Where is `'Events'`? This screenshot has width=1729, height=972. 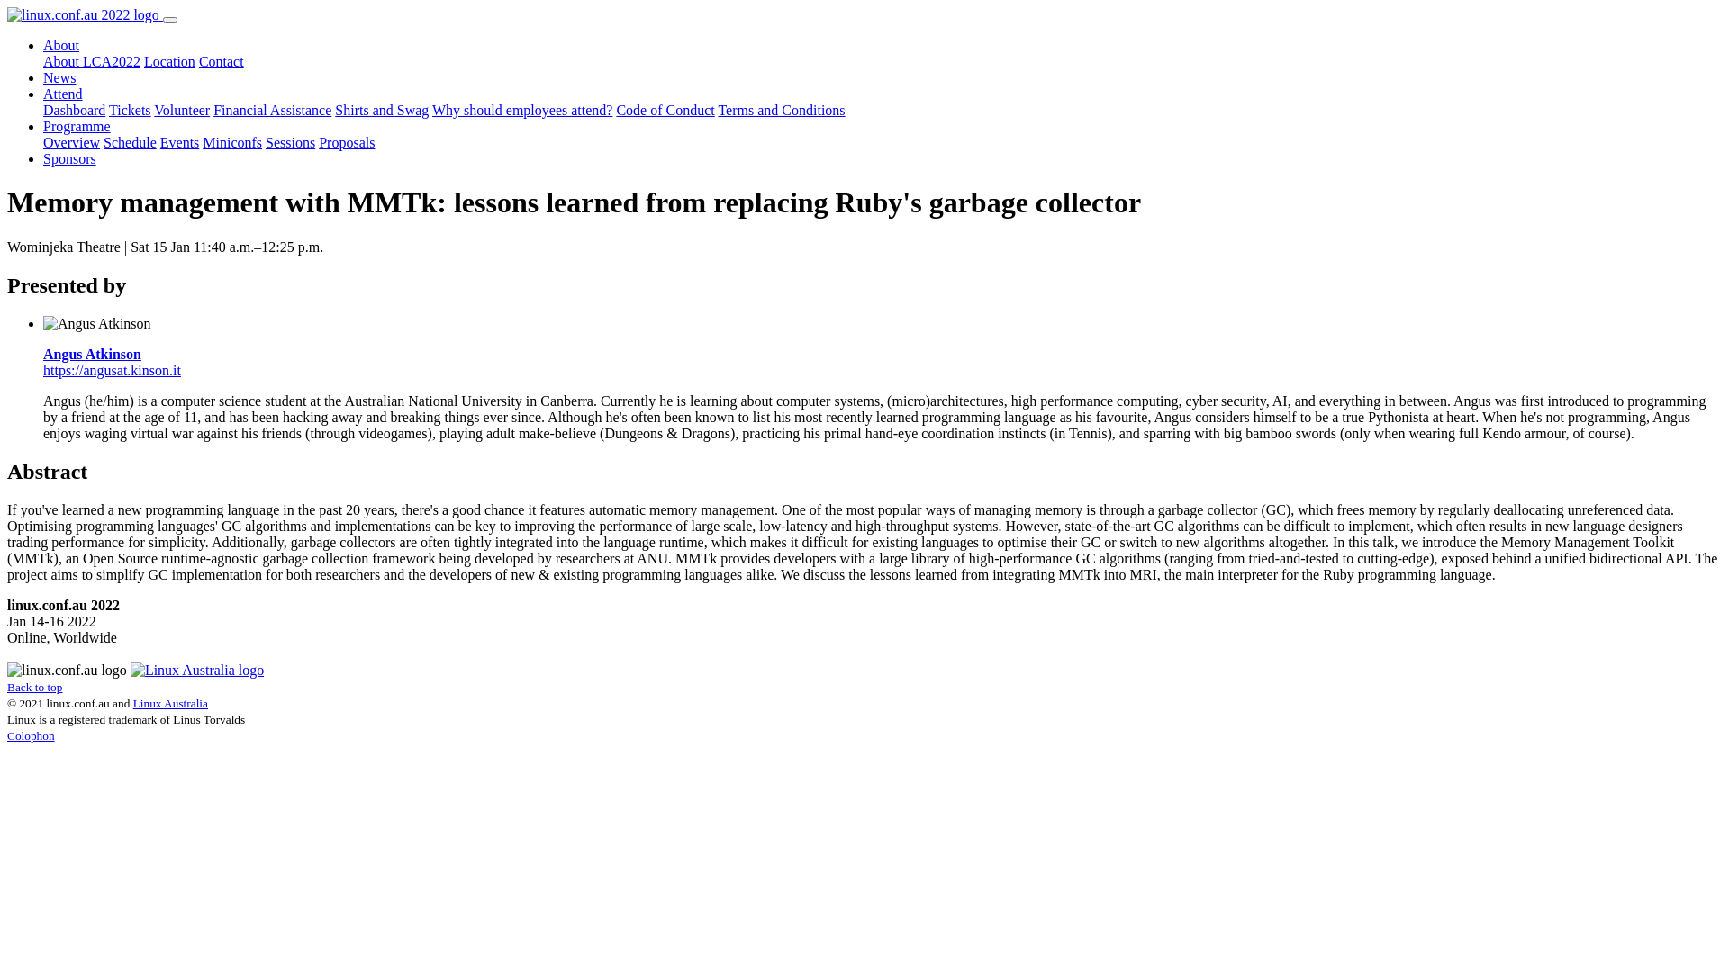 'Events' is located at coordinates (180, 141).